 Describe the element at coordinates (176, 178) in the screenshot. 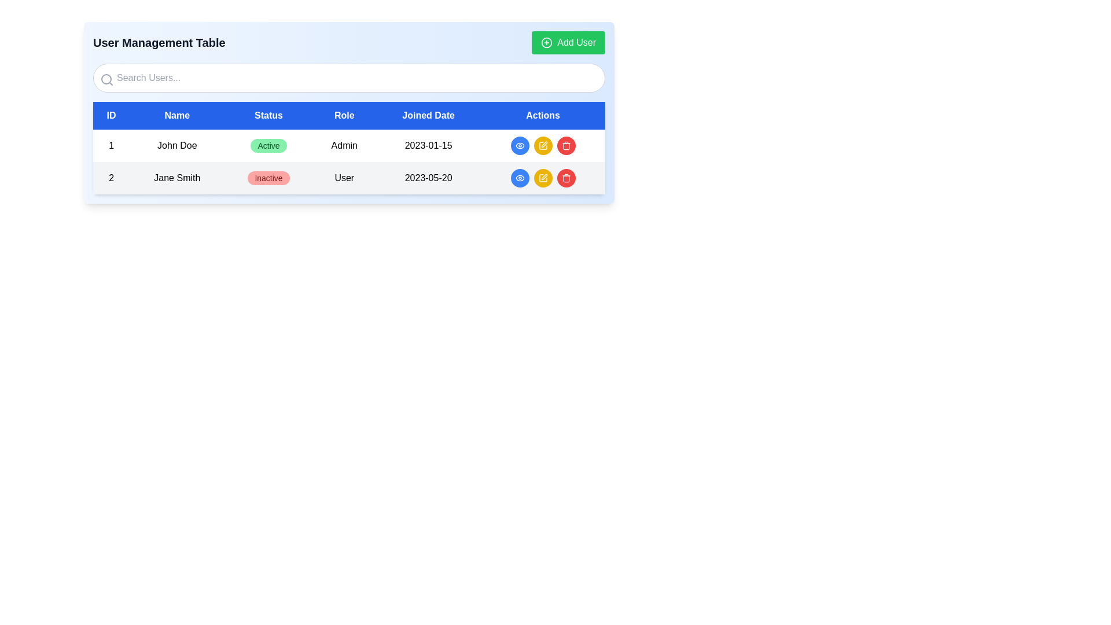

I see `the Text Label that identifies the name of the user in the second row of the user management table, located between the number '2' and the 'Status' column displaying 'Inactive'` at that location.